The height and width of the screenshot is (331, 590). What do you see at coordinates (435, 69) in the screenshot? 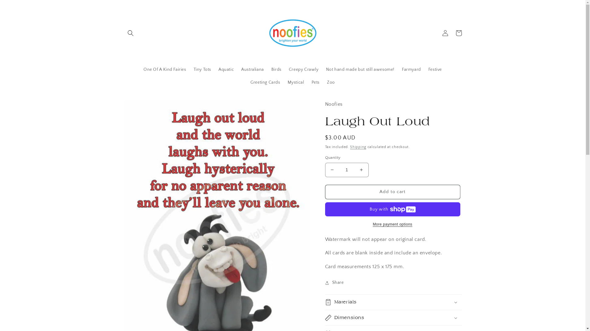
I see `'Festive'` at bounding box center [435, 69].